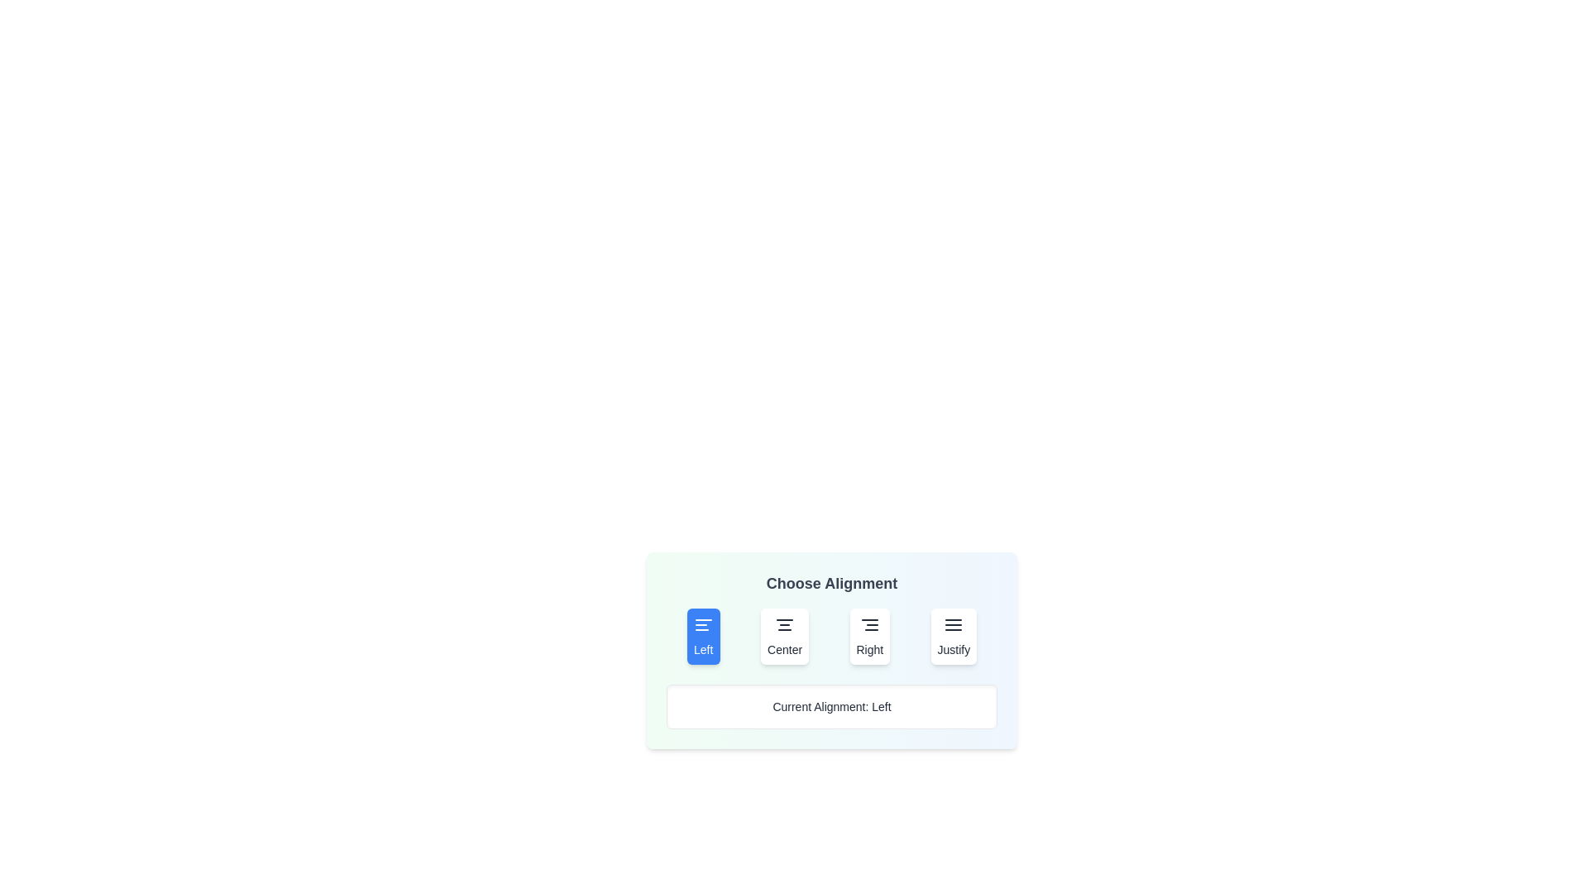 This screenshot has width=1588, height=893. I want to click on the 'Justify' button to select alignment, so click(954, 636).